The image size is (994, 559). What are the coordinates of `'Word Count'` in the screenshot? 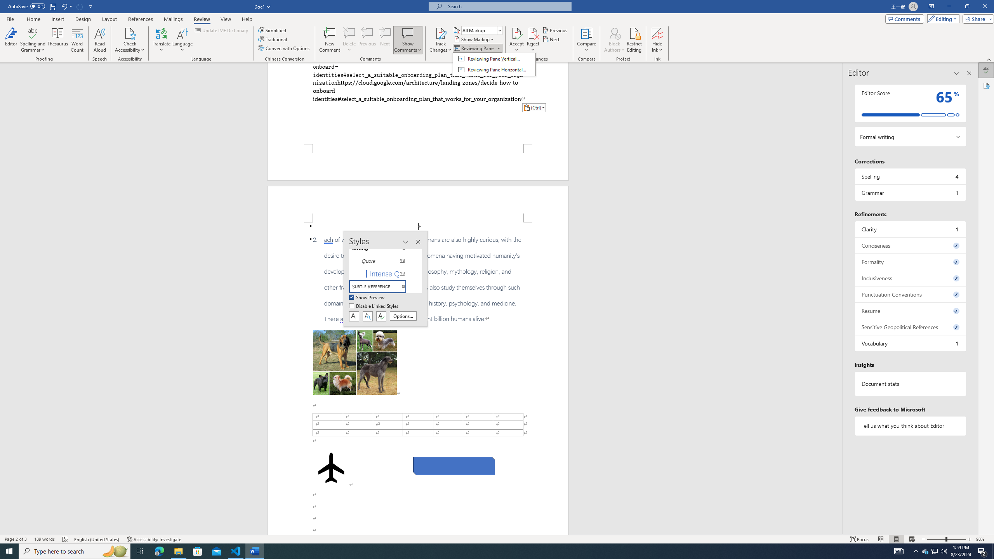 It's located at (77, 40).